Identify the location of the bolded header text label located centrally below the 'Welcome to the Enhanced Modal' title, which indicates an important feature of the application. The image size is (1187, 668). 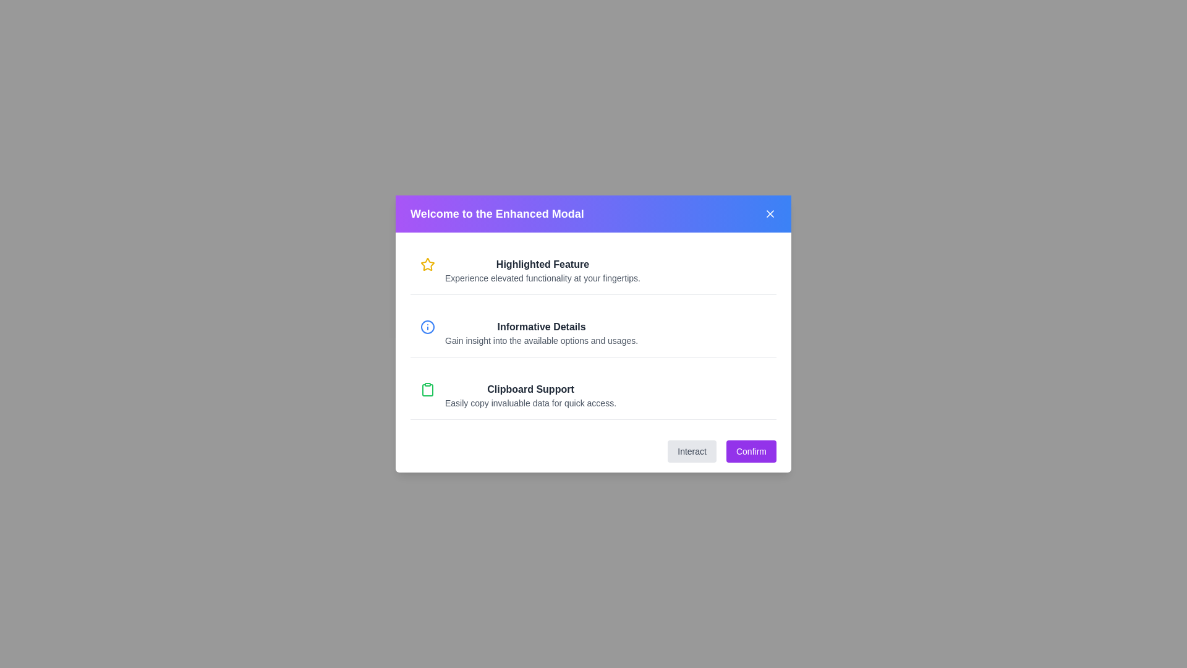
(543, 264).